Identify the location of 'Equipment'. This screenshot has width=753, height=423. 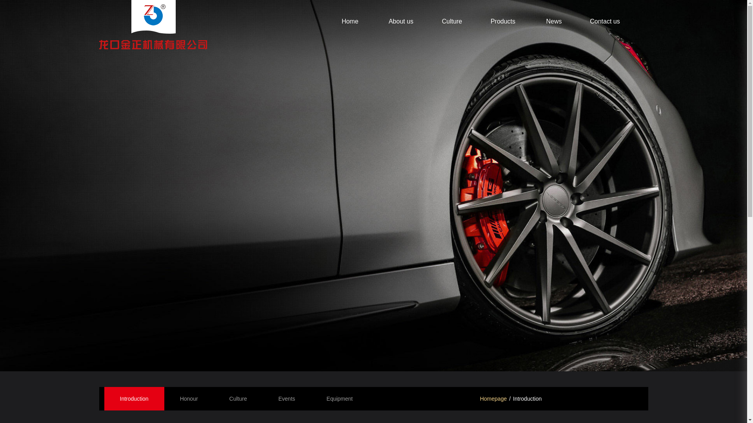
(340, 399).